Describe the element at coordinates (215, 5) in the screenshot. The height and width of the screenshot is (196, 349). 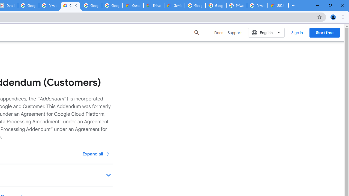
I see `'Google Cloud Platform'` at that location.